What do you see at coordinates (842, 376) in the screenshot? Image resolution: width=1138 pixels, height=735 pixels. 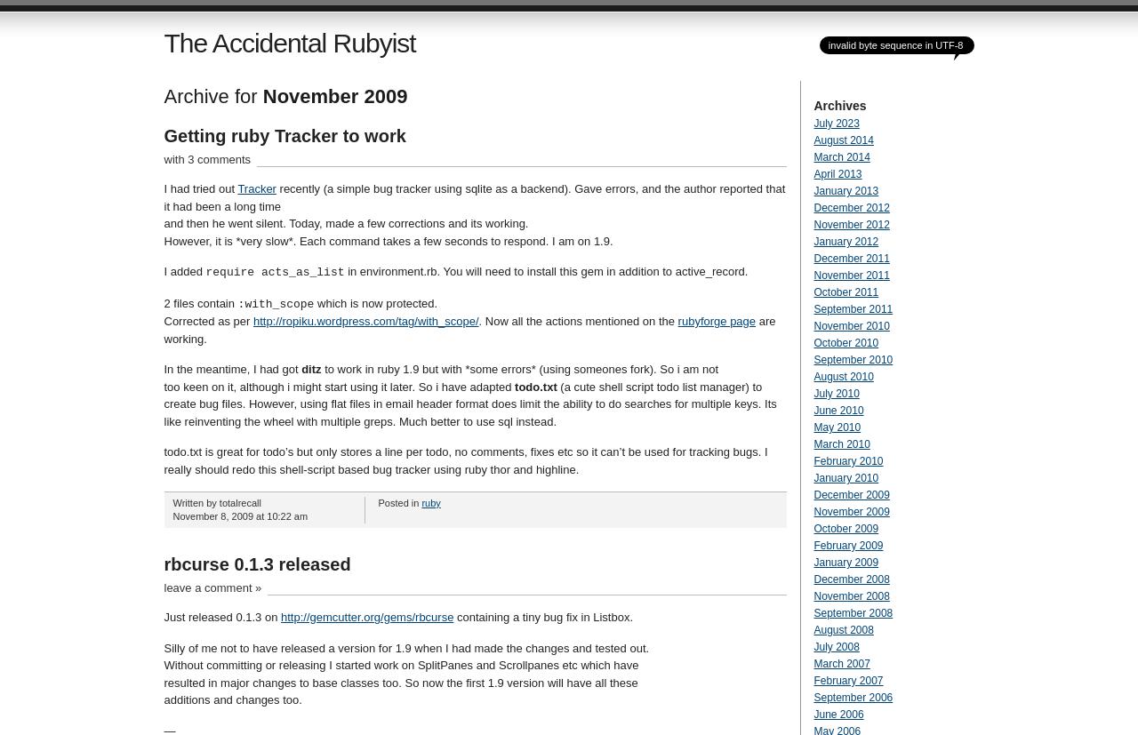 I see `'August 2010'` at bounding box center [842, 376].